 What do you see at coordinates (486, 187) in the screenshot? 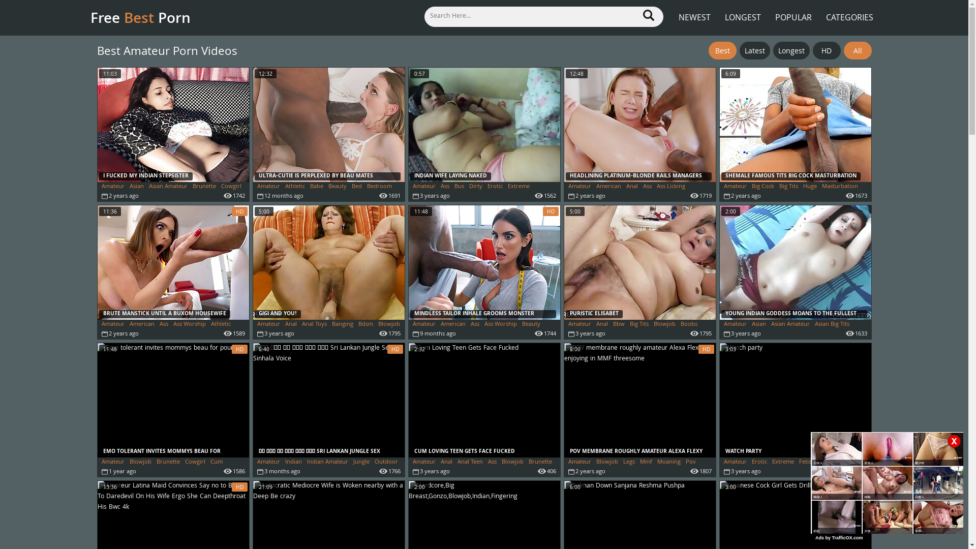
I see `'Erotic'` at bounding box center [486, 187].